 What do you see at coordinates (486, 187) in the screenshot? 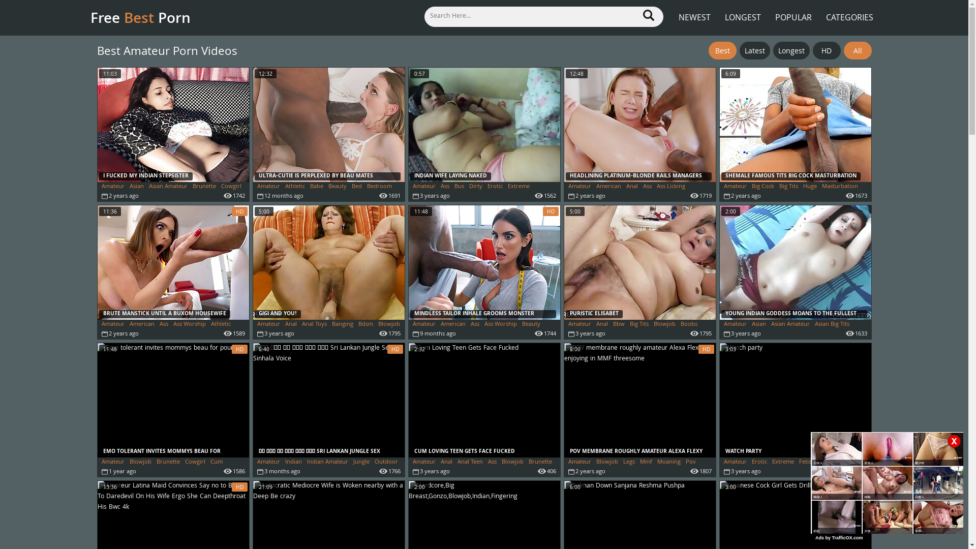
I see `'Erotic'` at bounding box center [486, 187].